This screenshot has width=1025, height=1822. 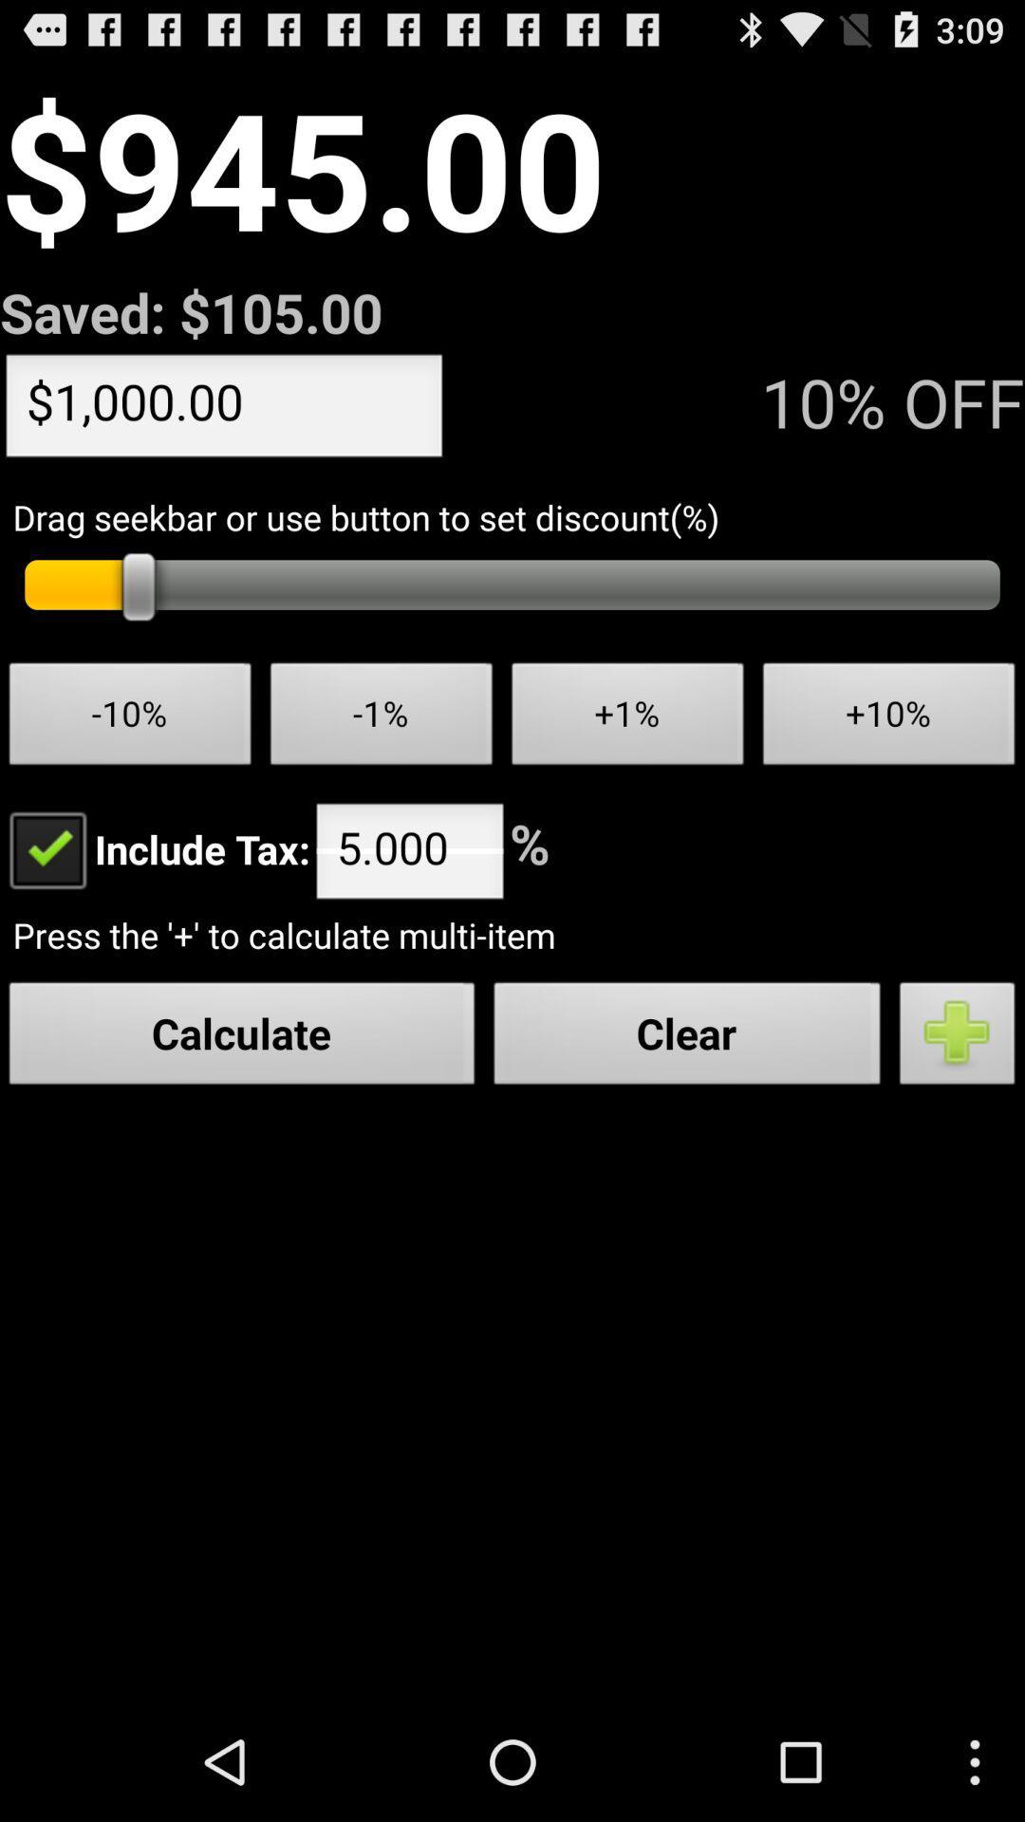 I want to click on the item above drag seekbar or, so click(x=223, y=409).